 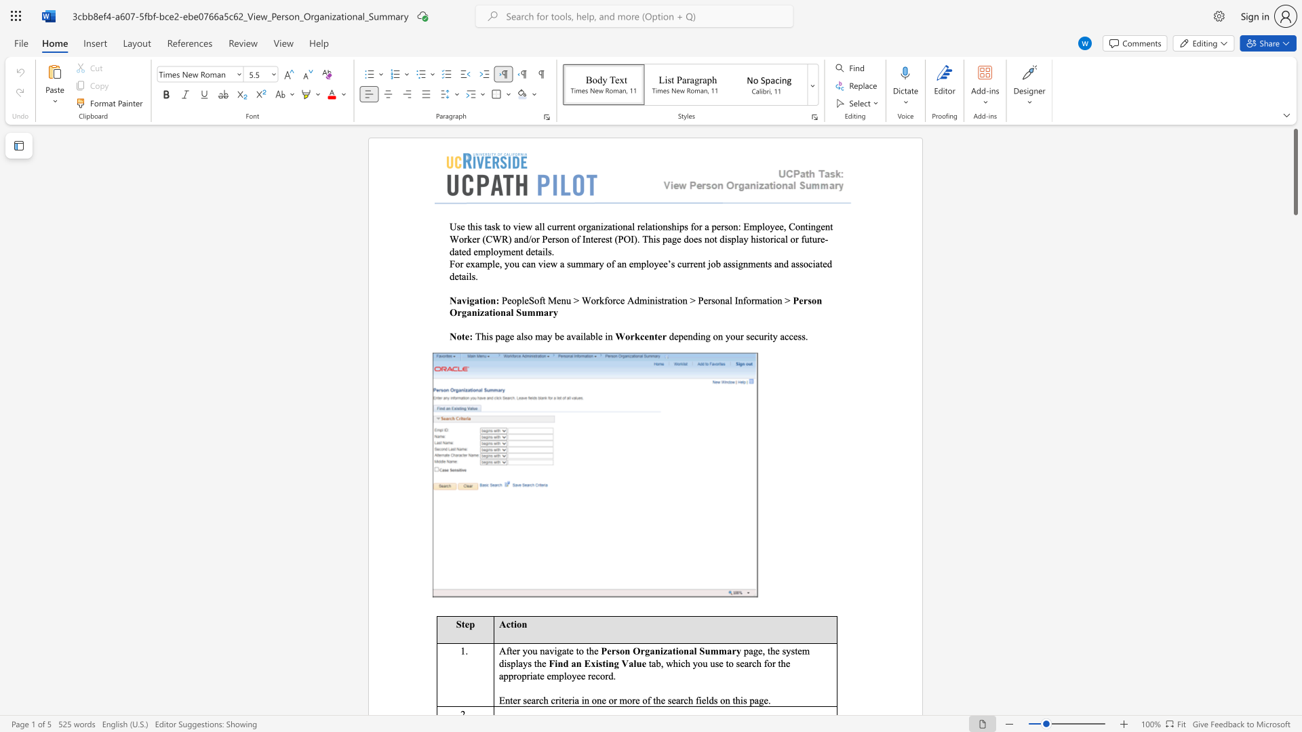 What do you see at coordinates (507, 238) in the screenshot?
I see `the space between the continuous character "R" and ")" in the text` at bounding box center [507, 238].